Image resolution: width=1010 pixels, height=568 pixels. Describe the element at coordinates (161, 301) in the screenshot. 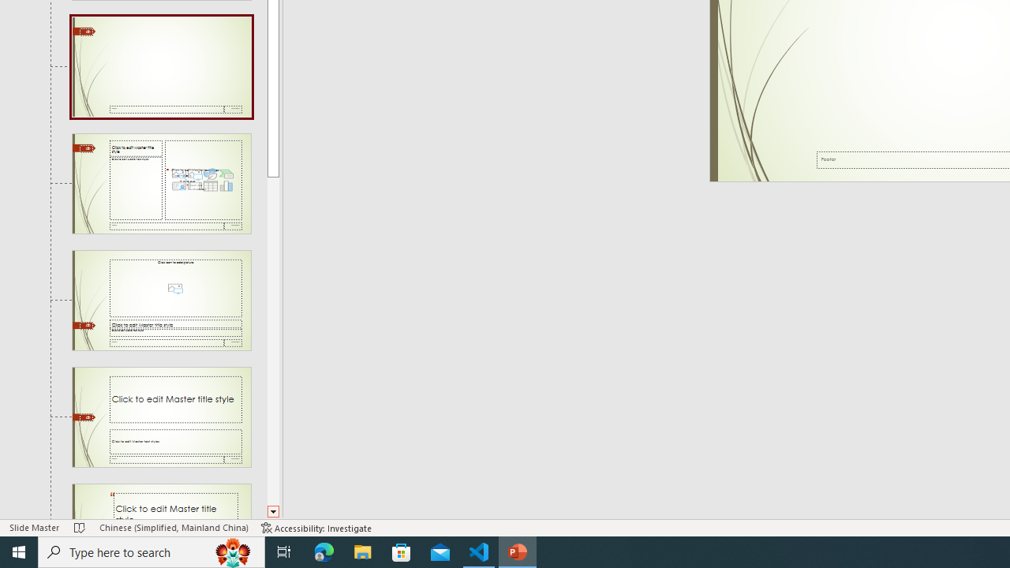

I see `'Slide Picture with Caption Layout: used by no slides'` at that location.